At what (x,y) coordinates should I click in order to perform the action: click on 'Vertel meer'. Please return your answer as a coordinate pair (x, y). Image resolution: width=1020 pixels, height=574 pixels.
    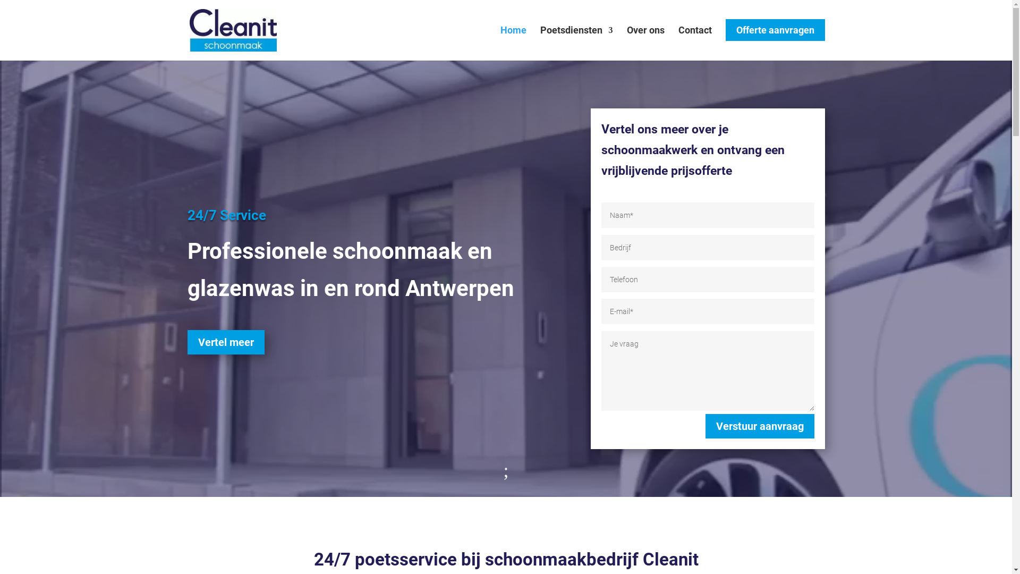
    Looking at the image, I should click on (225, 342).